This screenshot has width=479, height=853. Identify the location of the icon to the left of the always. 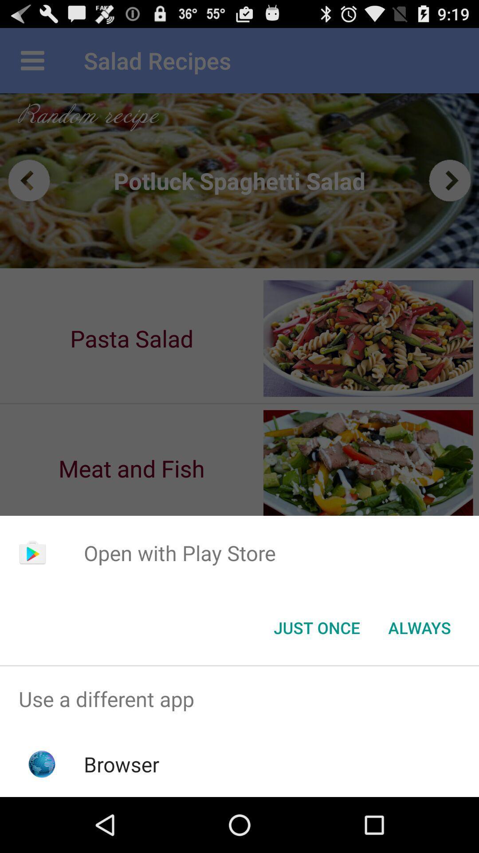
(316, 627).